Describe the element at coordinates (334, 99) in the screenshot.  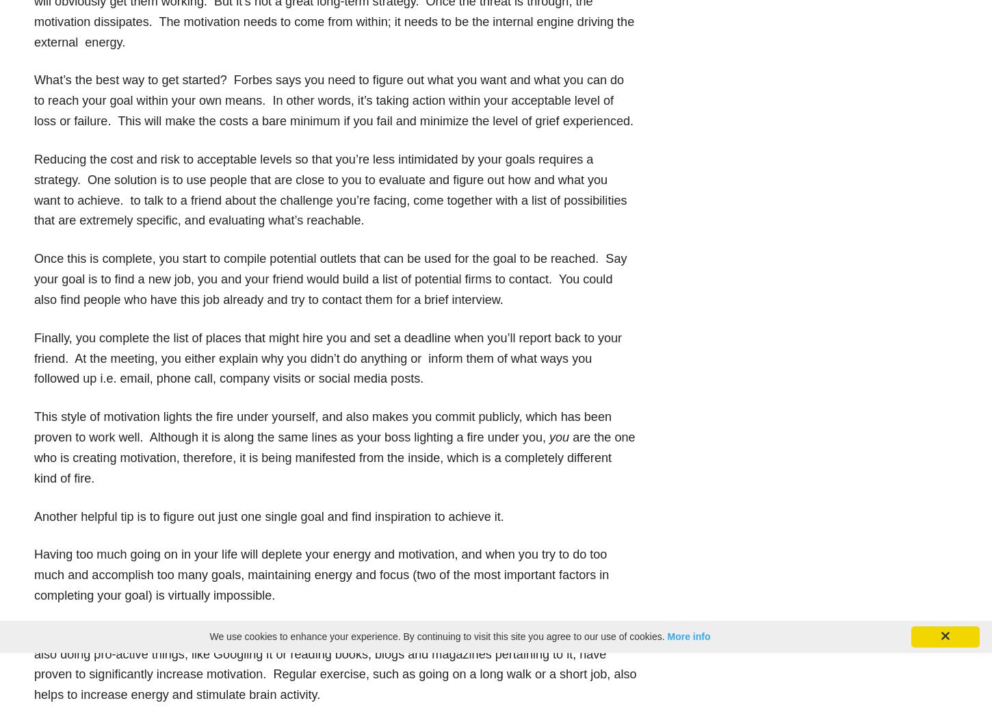
I see `'What’s the best way to get started?  Forbes says you need to figure out what you want and what you can do to reach your goal within your own means.  In other words, it’s taking action within your acceptable level of loss or failure.  This will make the costs a bare minimum if you fail and minimize the level of grief experienced.'` at that location.